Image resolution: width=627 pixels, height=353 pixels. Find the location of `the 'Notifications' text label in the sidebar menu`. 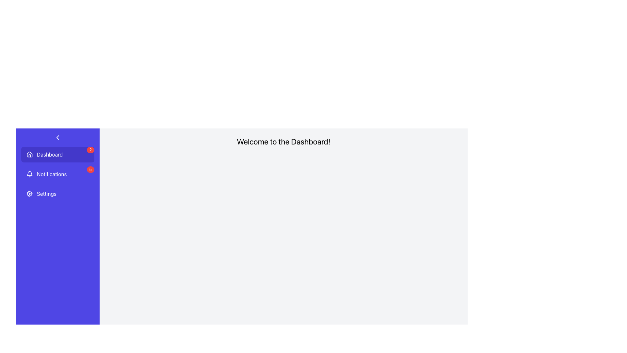

the 'Notifications' text label in the sidebar menu is located at coordinates (51, 174).